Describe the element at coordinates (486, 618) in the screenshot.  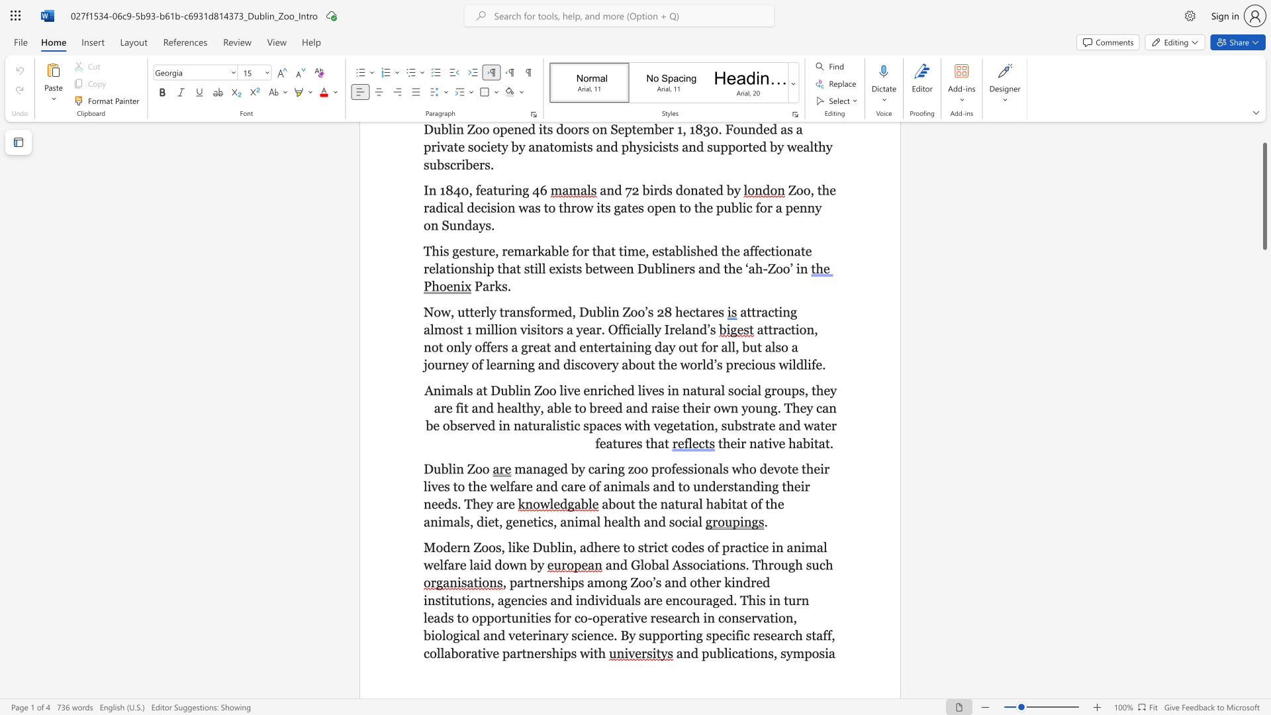
I see `the subset text "portunities for co-operative research in conservation, biological and veterinary science. By supporting specific research staff" within the text ", partnerships among Zoo’s and other kindred institutions, agencies and individuals are encouraged. This in turn leads to opportunities for co-operative research in conservation, biological and veterinary science. By supporting specific research staff, collaborative partnerships with"` at that location.